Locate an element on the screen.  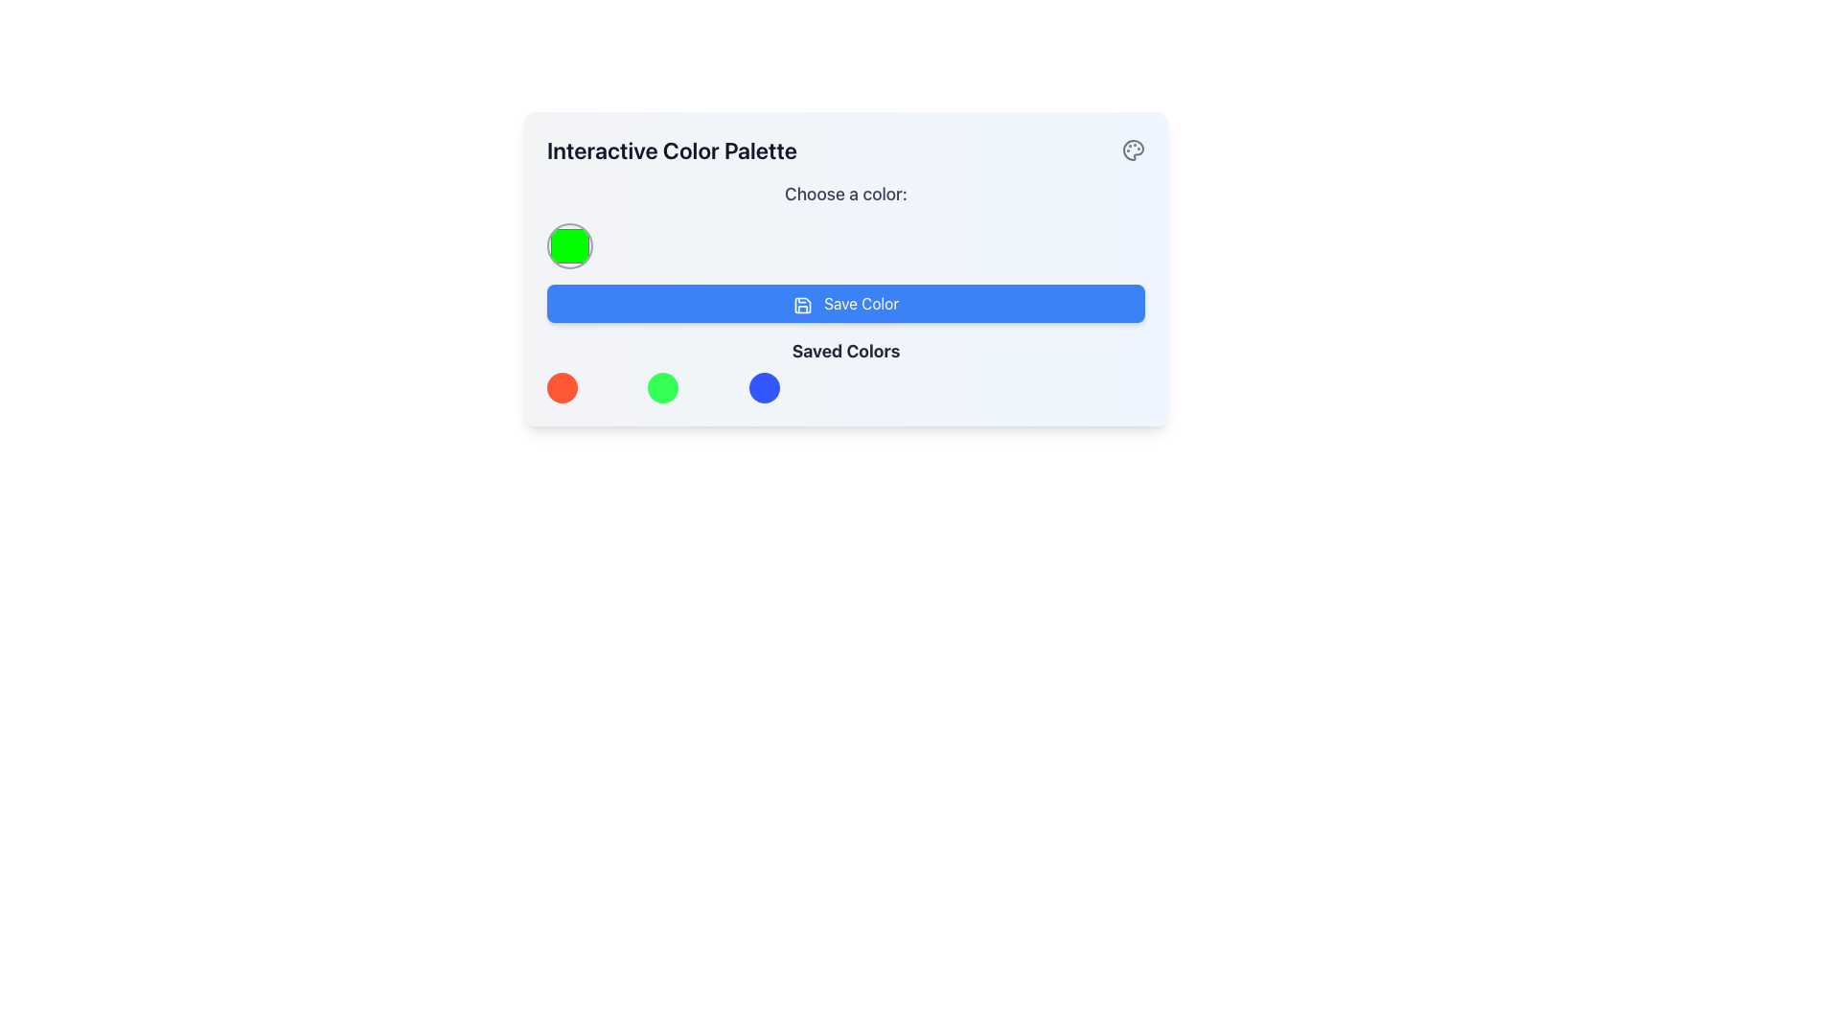
the save button located centrally below the color selection circle and above the 'Saved Colors' section is located at coordinates (845, 302).